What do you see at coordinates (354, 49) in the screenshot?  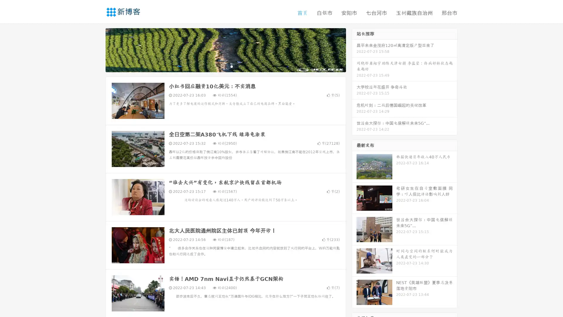 I see `Next slide` at bounding box center [354, 49].